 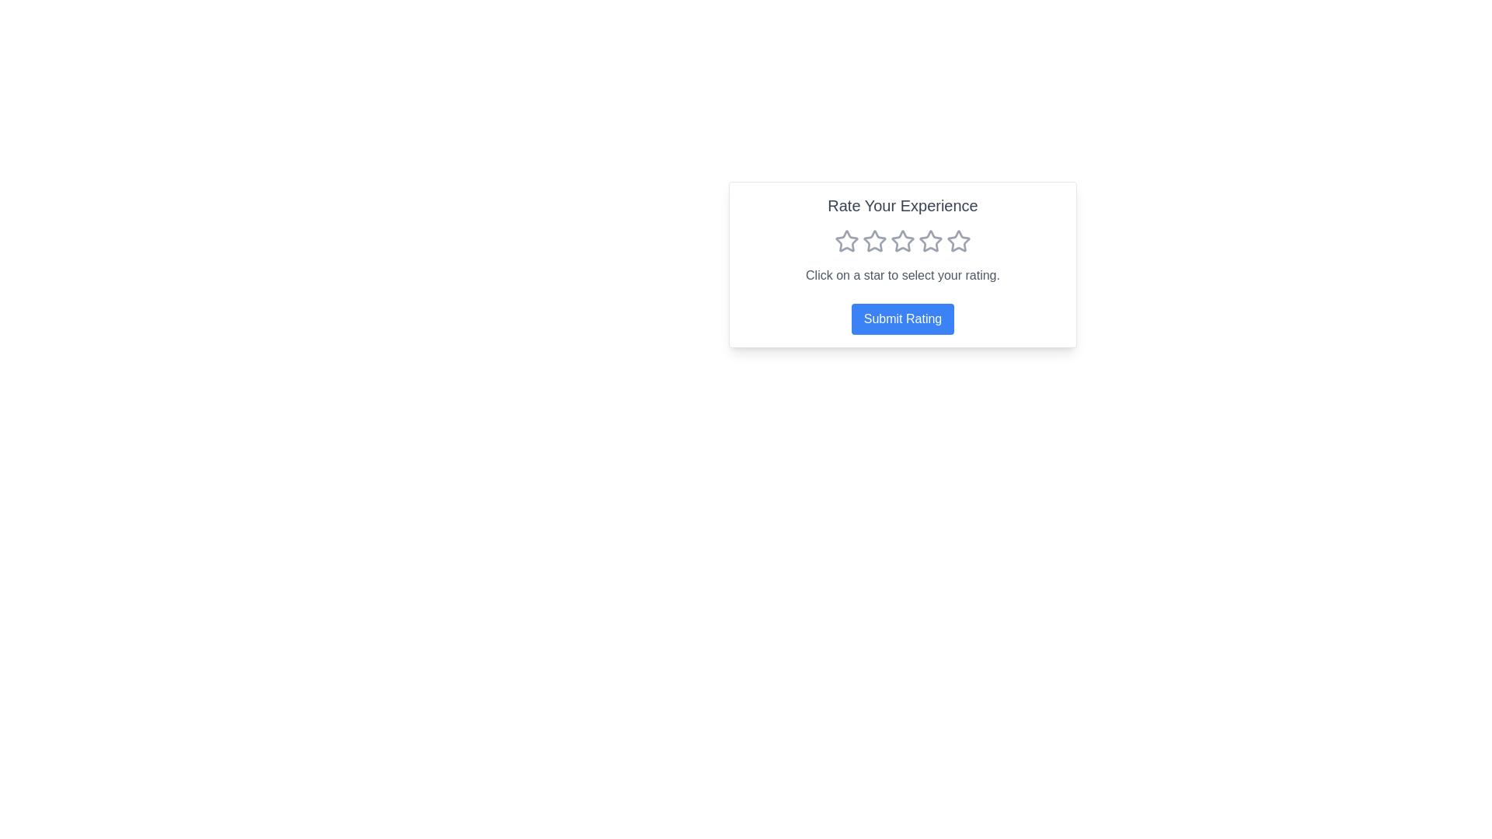 What do you see at coordinates (902, 319) in the screenshot?
I see `the submit button located at the bottom of the card component, which is centered horizontally and is used to submit the user's selected rating` at bounding box center [902, 319].